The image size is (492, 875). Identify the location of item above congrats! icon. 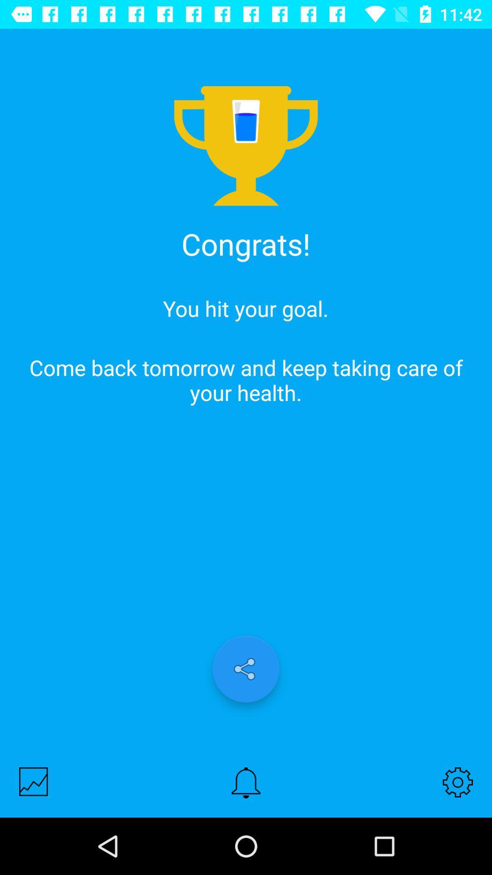
(246, 58).